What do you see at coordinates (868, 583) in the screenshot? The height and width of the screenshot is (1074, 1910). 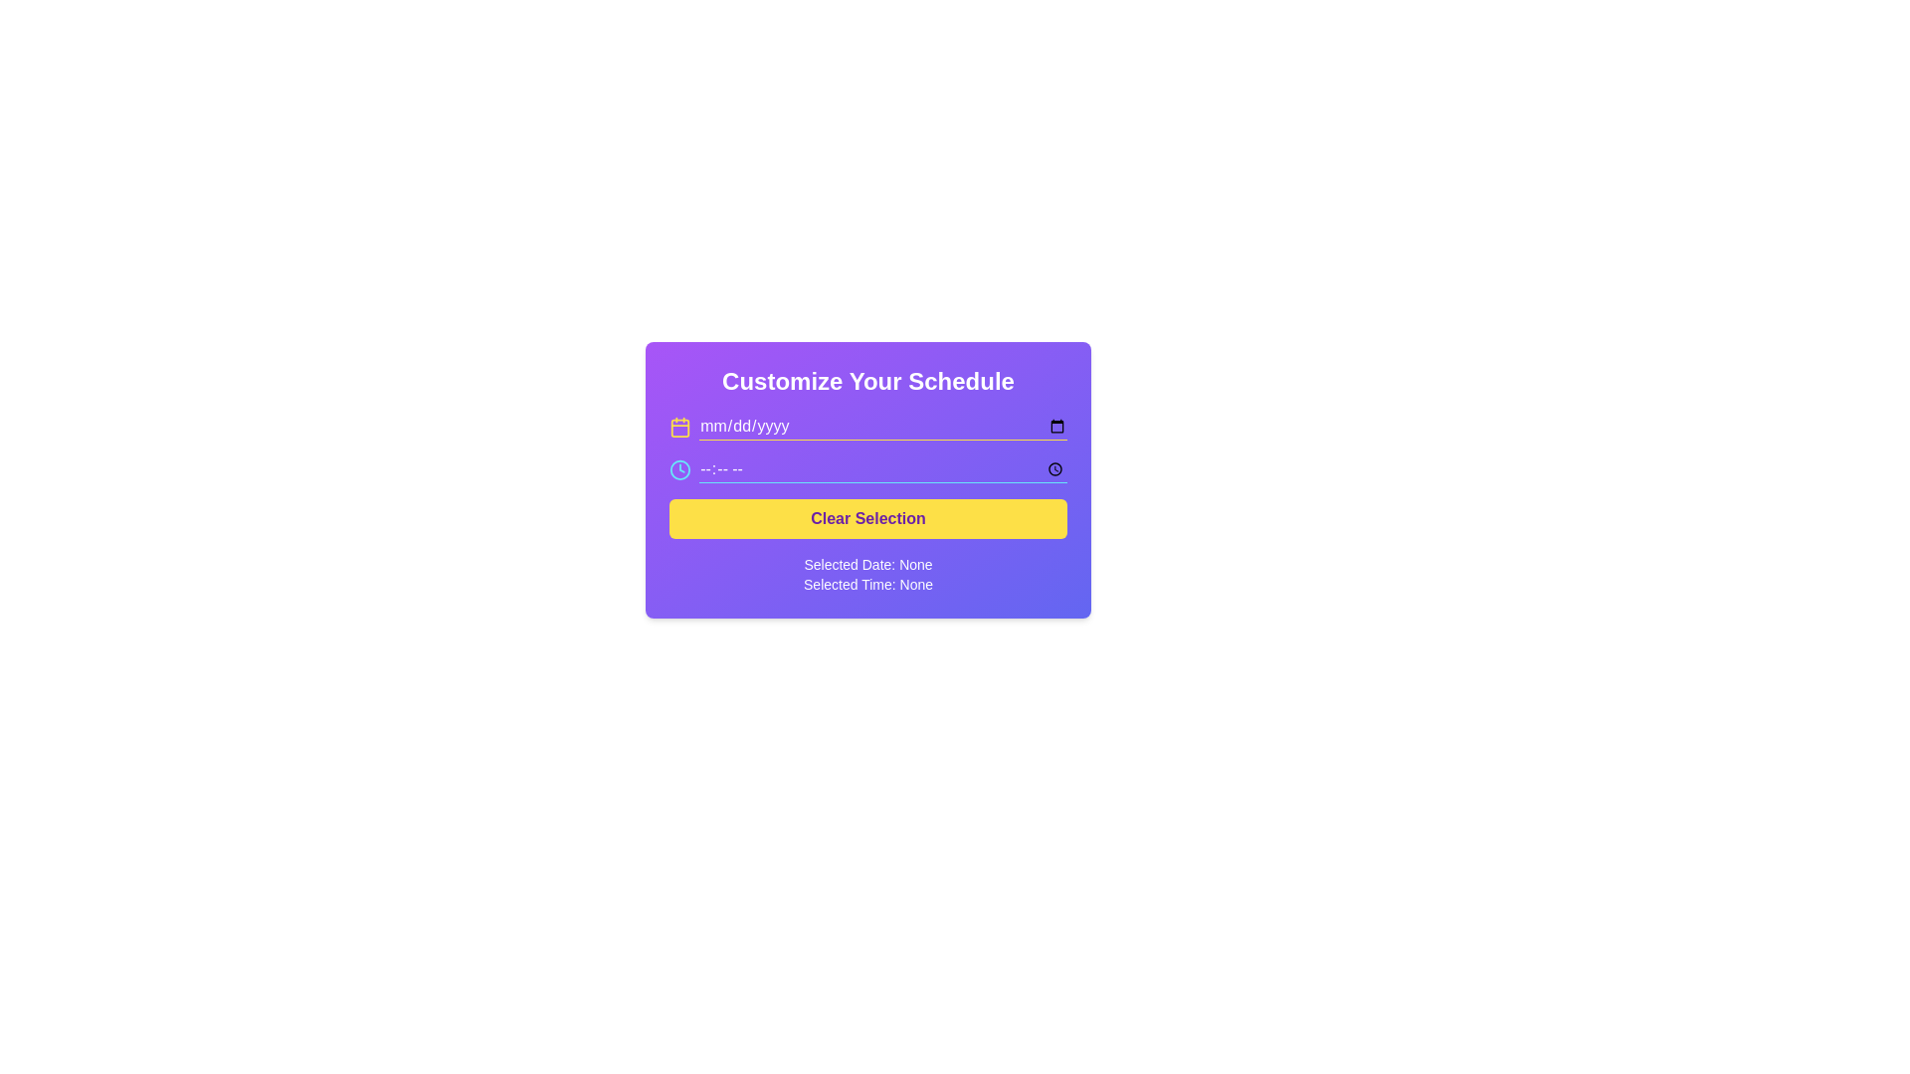 I see `the static text label displaying 'Selected Time: None', which is styled with white text on a purple background and positioned below the 'Selected Date: None' label` at bounding box center [868, 583].